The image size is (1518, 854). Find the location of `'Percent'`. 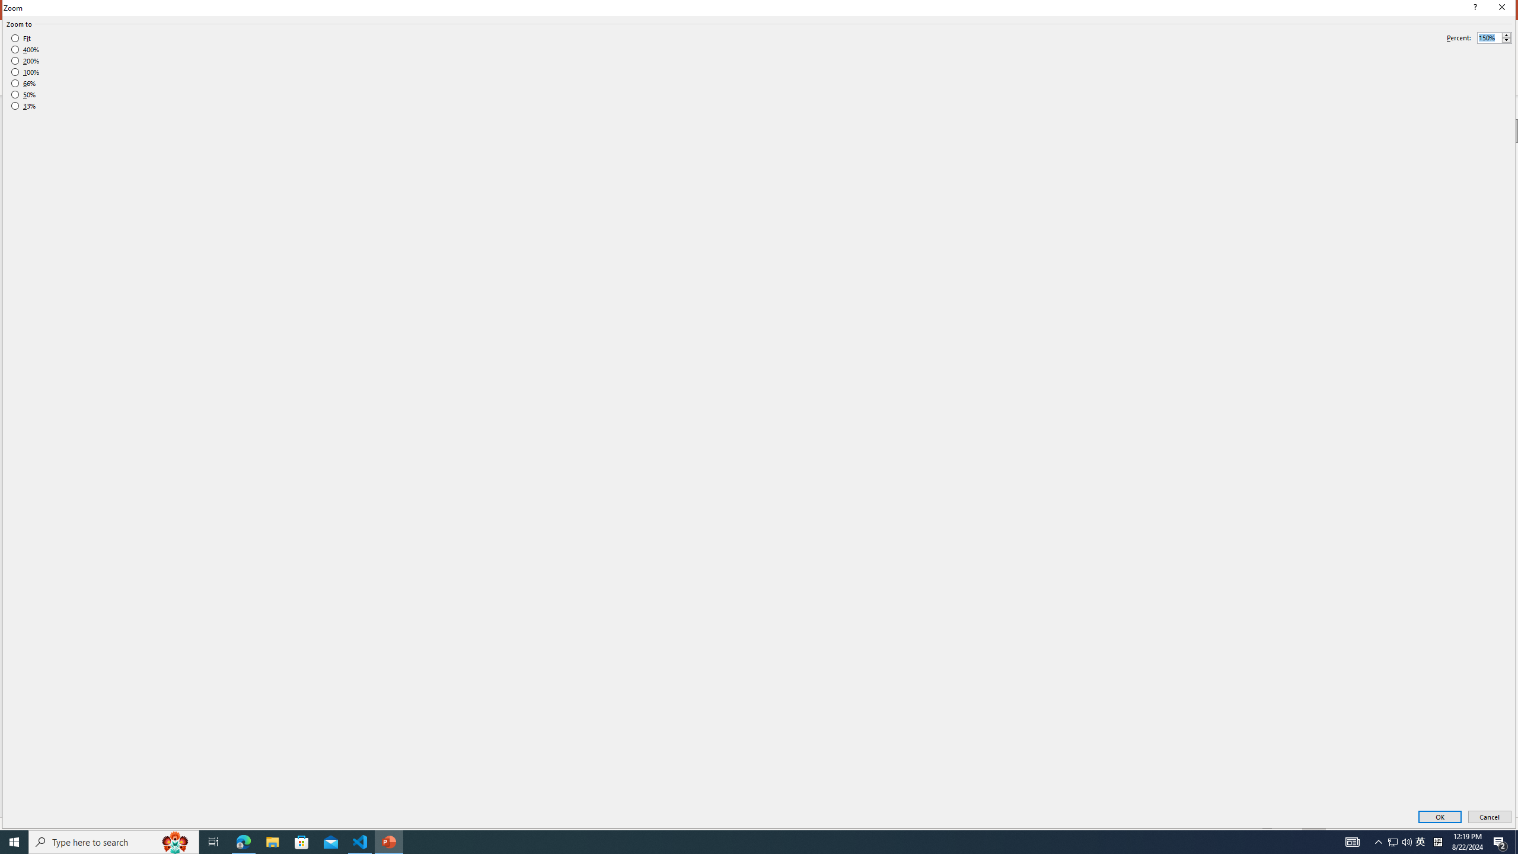

'Percent' is located at coordinates (1489, 38).